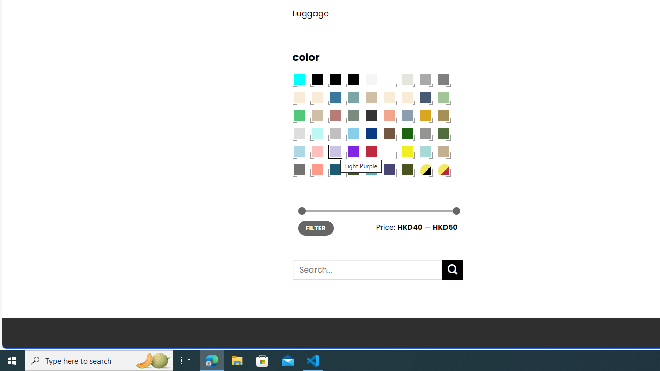 Image resolution: width=660 pixels, height=371 pixels. What do you see at coordinates (443, 169) in the screenshot?
I see `'Yellow-Red'` at bounding box center [443, 169].